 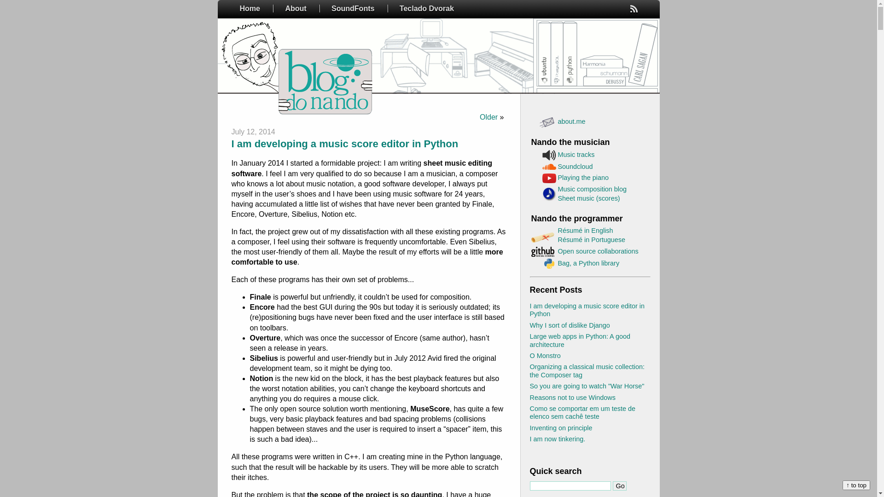 I want to click on 'Sheet music (scores)', so click(x=588, y=198).